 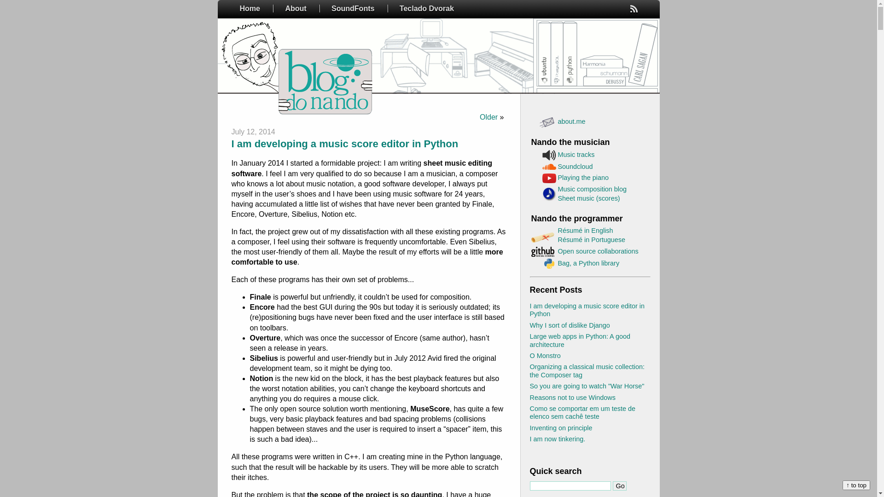 I want to click on 'Sheet music (scores)', so click(x=588, y=198).